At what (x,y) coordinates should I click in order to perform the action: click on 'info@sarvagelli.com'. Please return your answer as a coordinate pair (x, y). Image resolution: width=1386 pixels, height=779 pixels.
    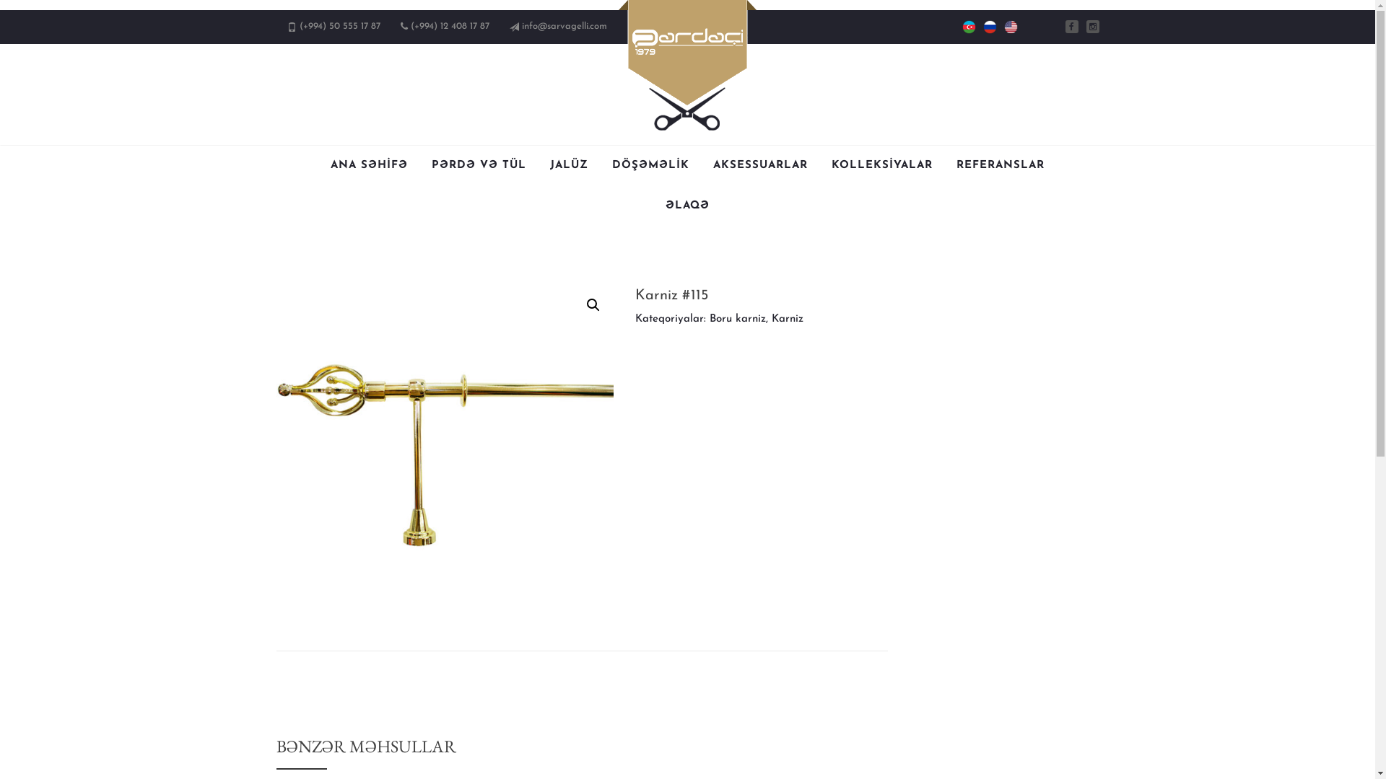
    Looking at the image, I should click on (520, 26).